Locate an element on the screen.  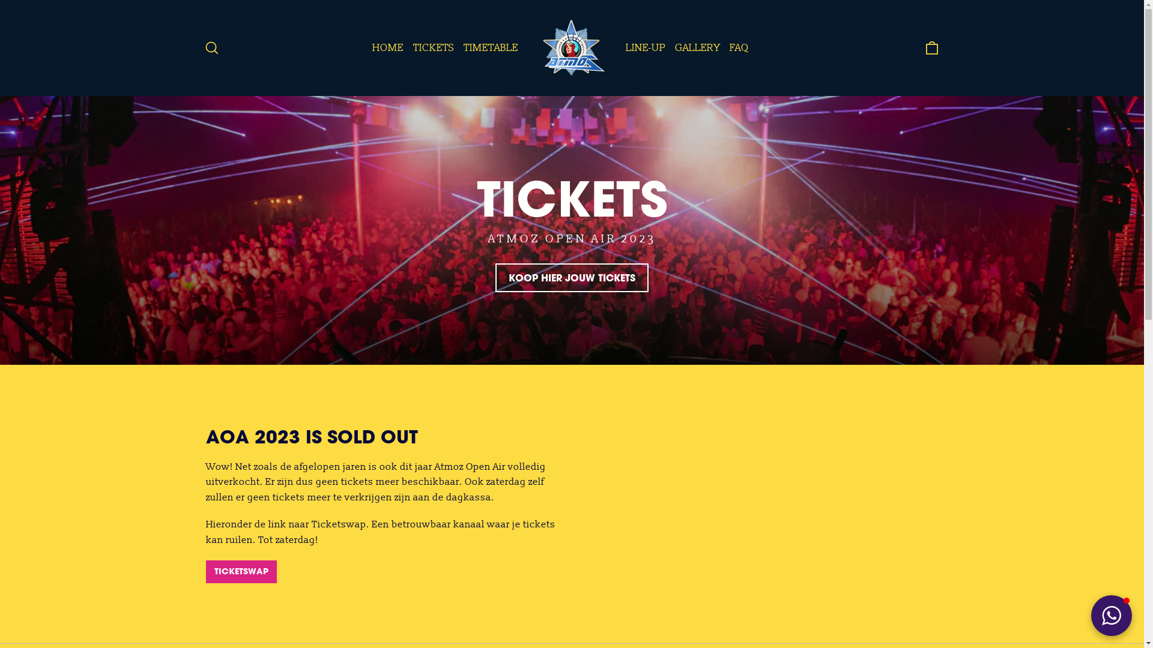
'Cart' is located at coordinates (918, 47).